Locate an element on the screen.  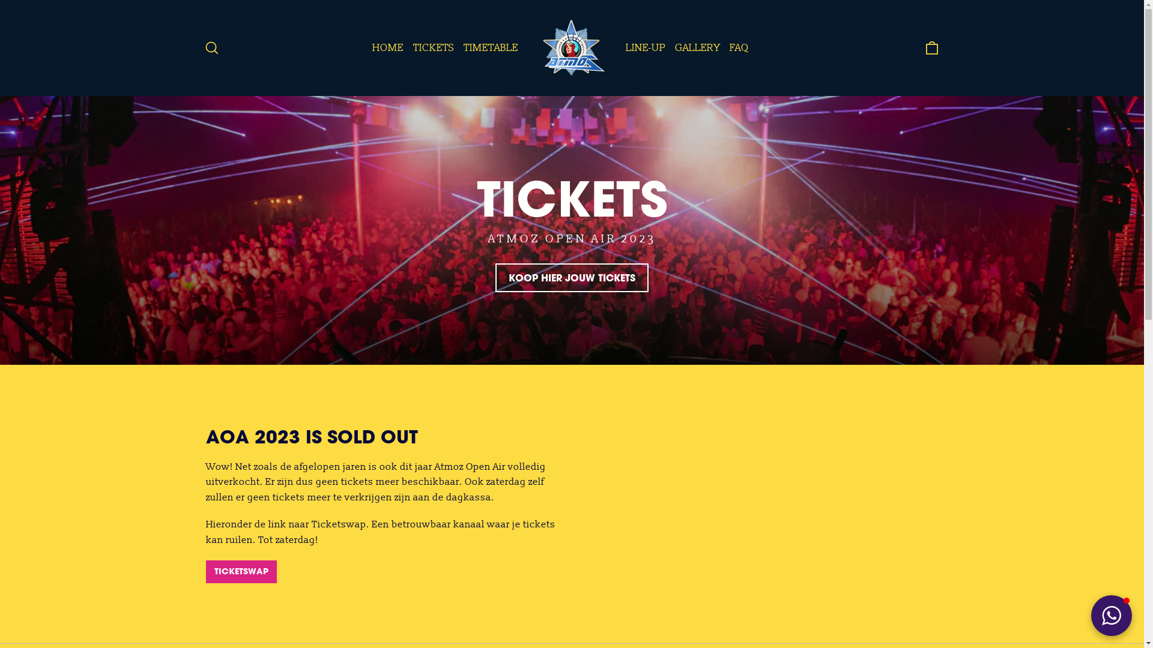
'Cart' is located at coordinates (918, 47).